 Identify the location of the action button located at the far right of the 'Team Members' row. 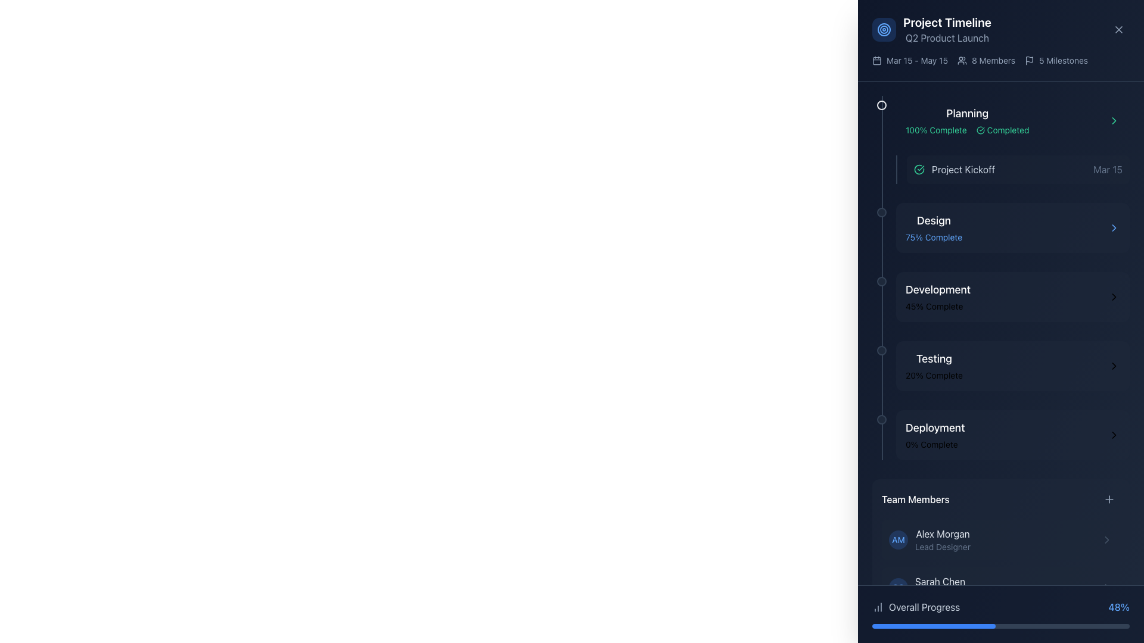
(1109, 500).